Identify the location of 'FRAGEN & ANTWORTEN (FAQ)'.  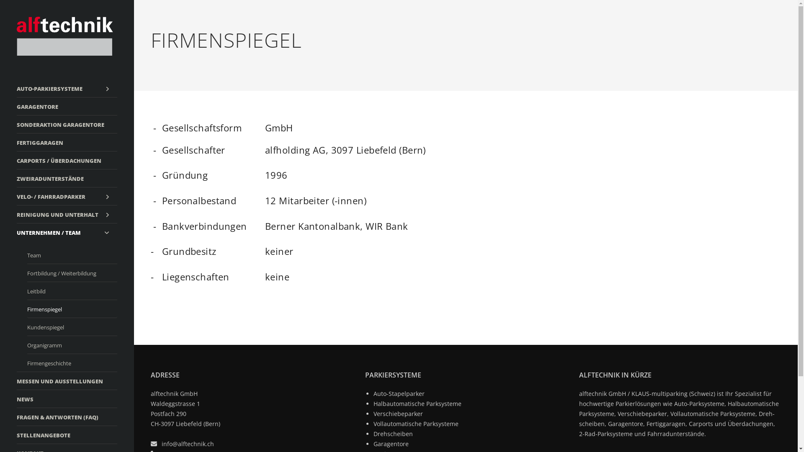
(66, 416).